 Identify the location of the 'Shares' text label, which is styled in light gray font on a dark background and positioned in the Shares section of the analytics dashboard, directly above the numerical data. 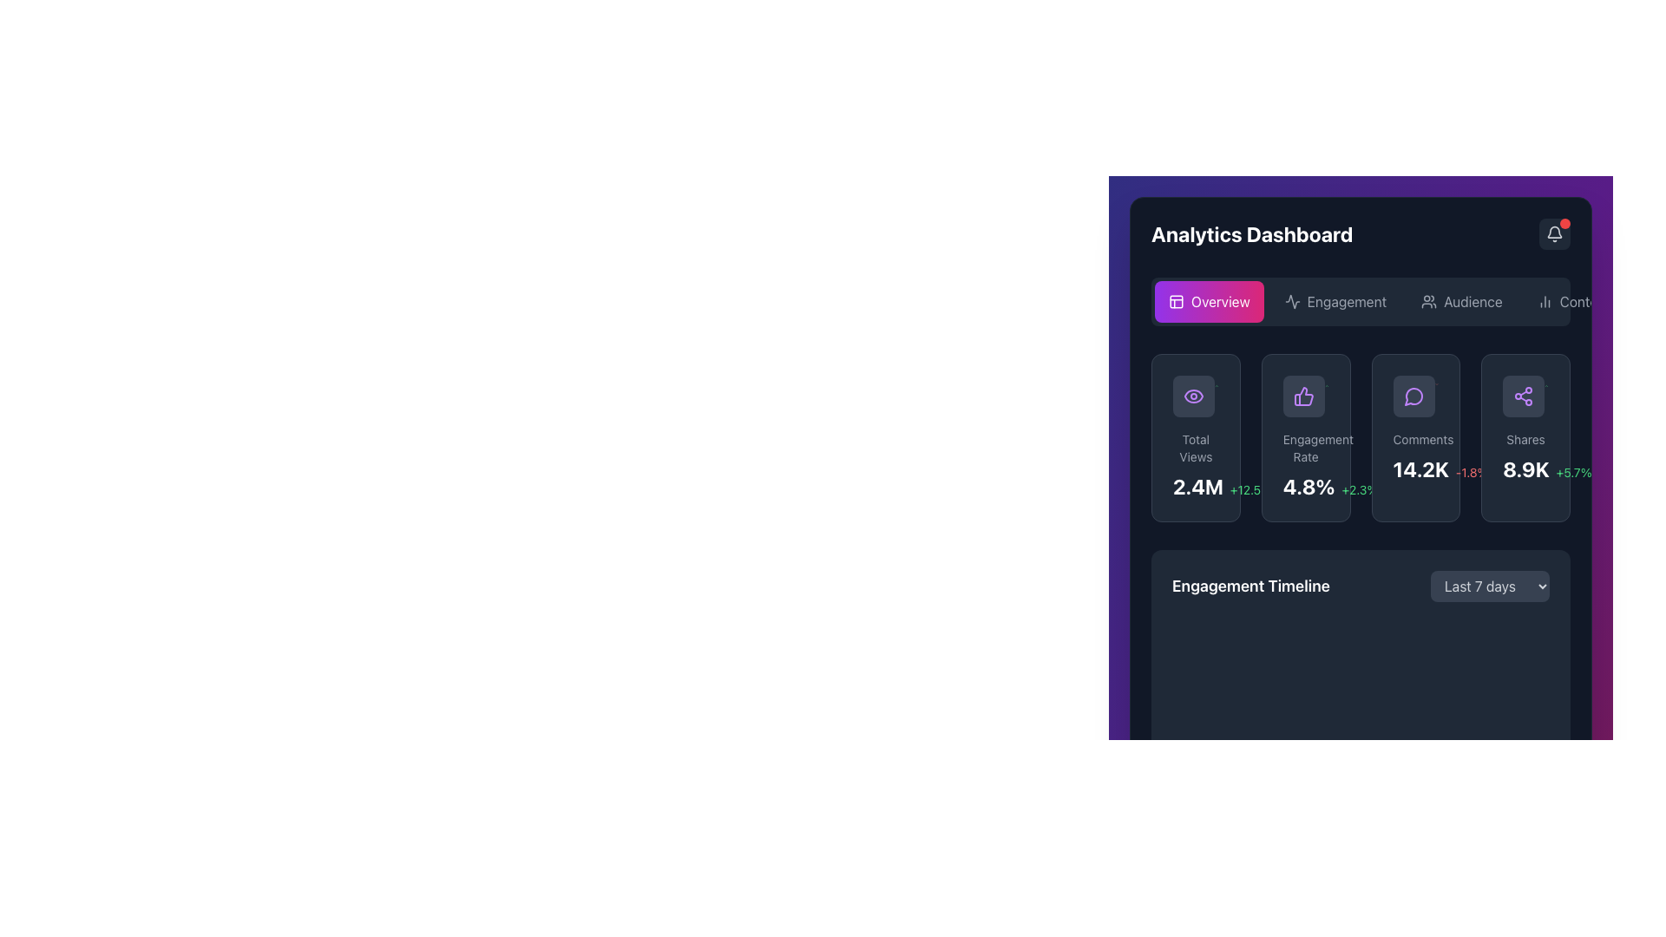
(1525, 438).